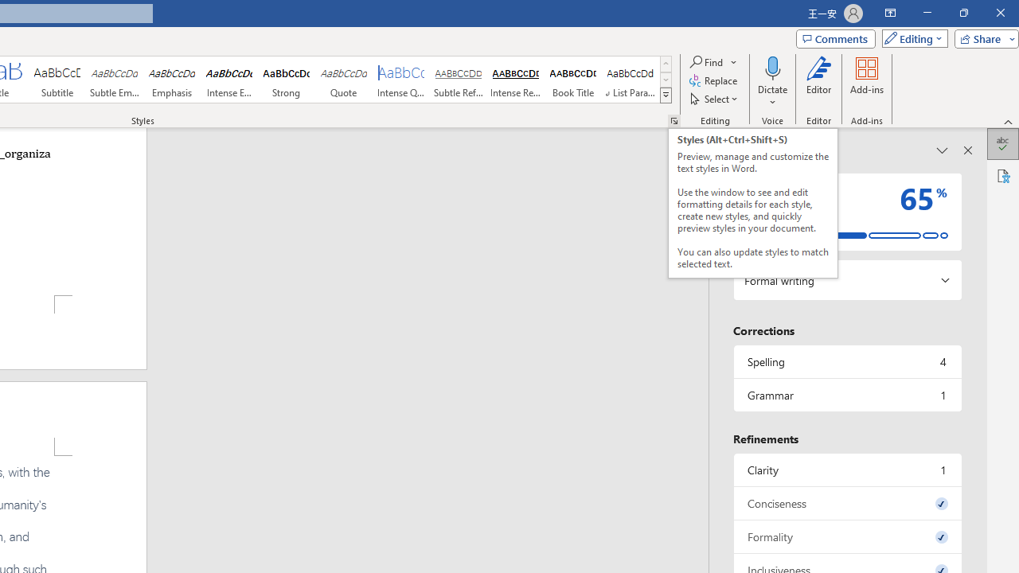 This screenshot has width=1019, height=573. What do you see at coordinates (666, 95) in the screenshot?
I see `'Styles'` at bounding box center [666, 95].